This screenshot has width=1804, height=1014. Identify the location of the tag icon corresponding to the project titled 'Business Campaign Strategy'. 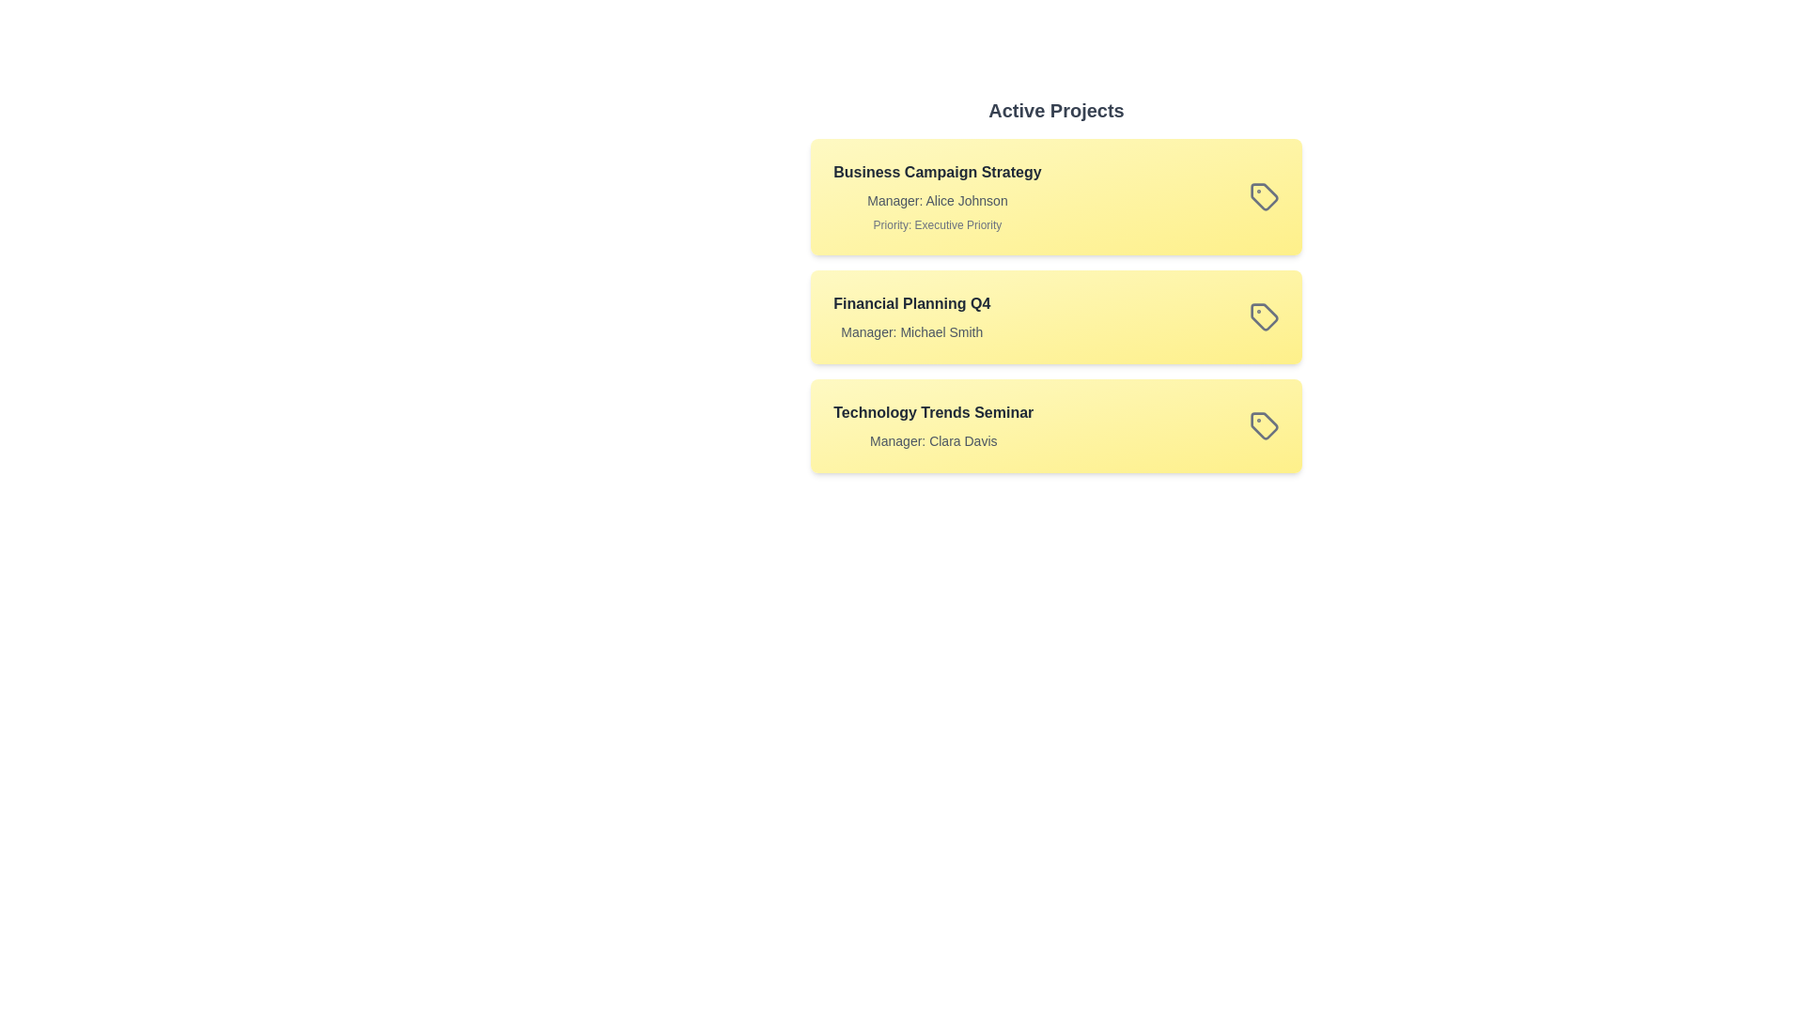
(1264, 196).